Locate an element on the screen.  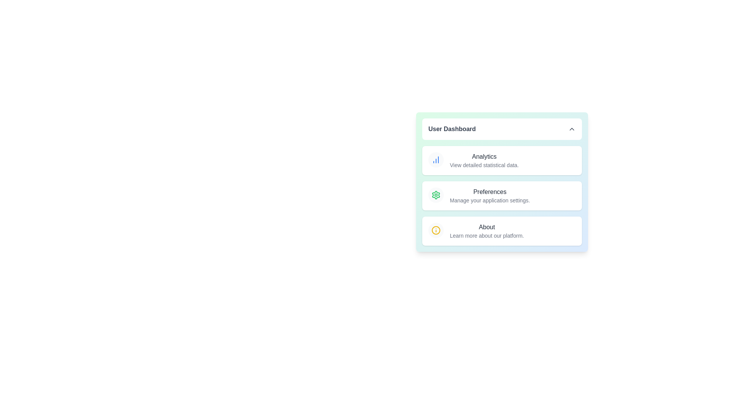
the toggle button to change the menu's visibility is located at coordinates (502, 128).